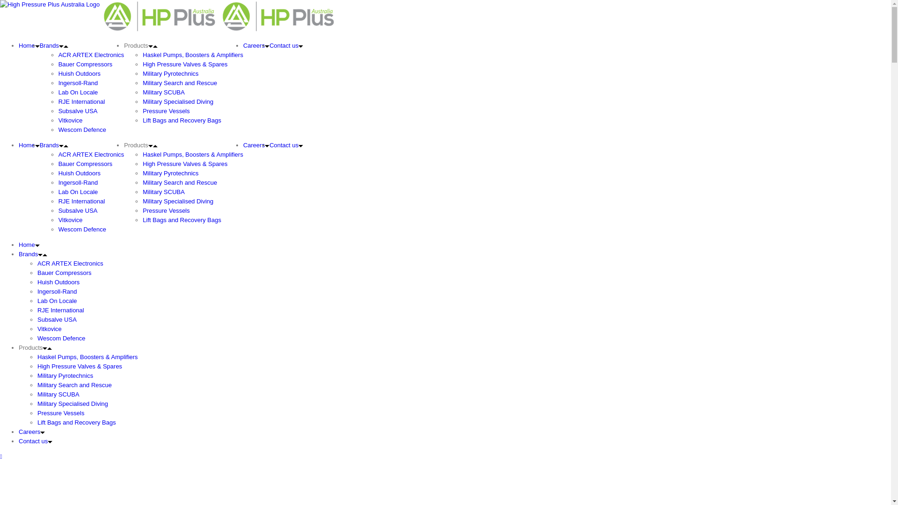  What do you see at coordinates (79, 73) in the screenshot?
I see `'Huish Outdoors'` at bounding box center [79, 73].